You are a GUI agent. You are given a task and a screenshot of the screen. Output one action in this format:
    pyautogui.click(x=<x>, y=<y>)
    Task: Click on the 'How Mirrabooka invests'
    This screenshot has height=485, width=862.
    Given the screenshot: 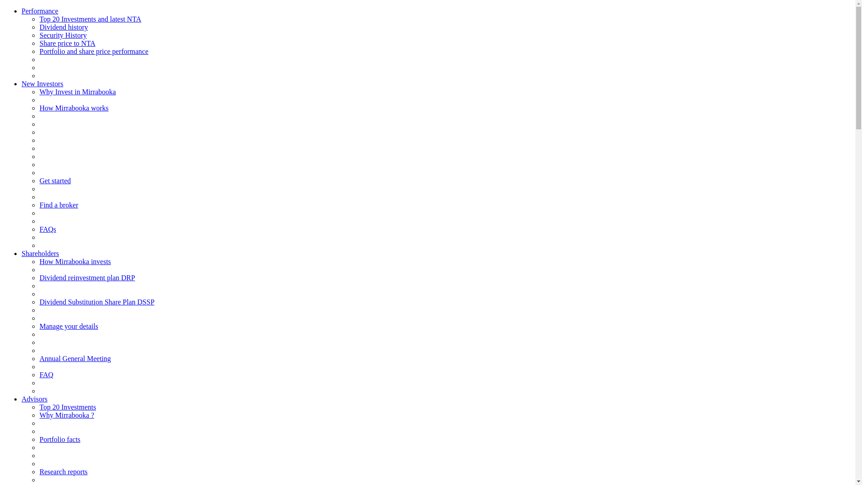 What is the action you would take?
    pyautogui.click(x=75, y=261)
    